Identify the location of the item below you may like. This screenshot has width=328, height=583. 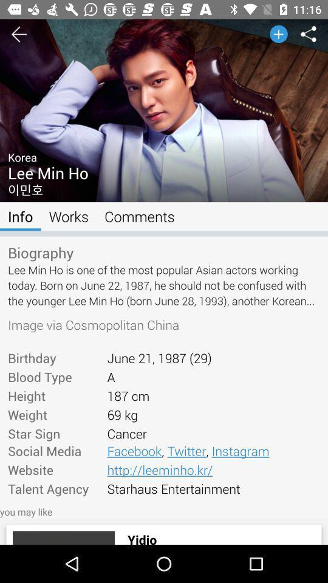
(217, 537).